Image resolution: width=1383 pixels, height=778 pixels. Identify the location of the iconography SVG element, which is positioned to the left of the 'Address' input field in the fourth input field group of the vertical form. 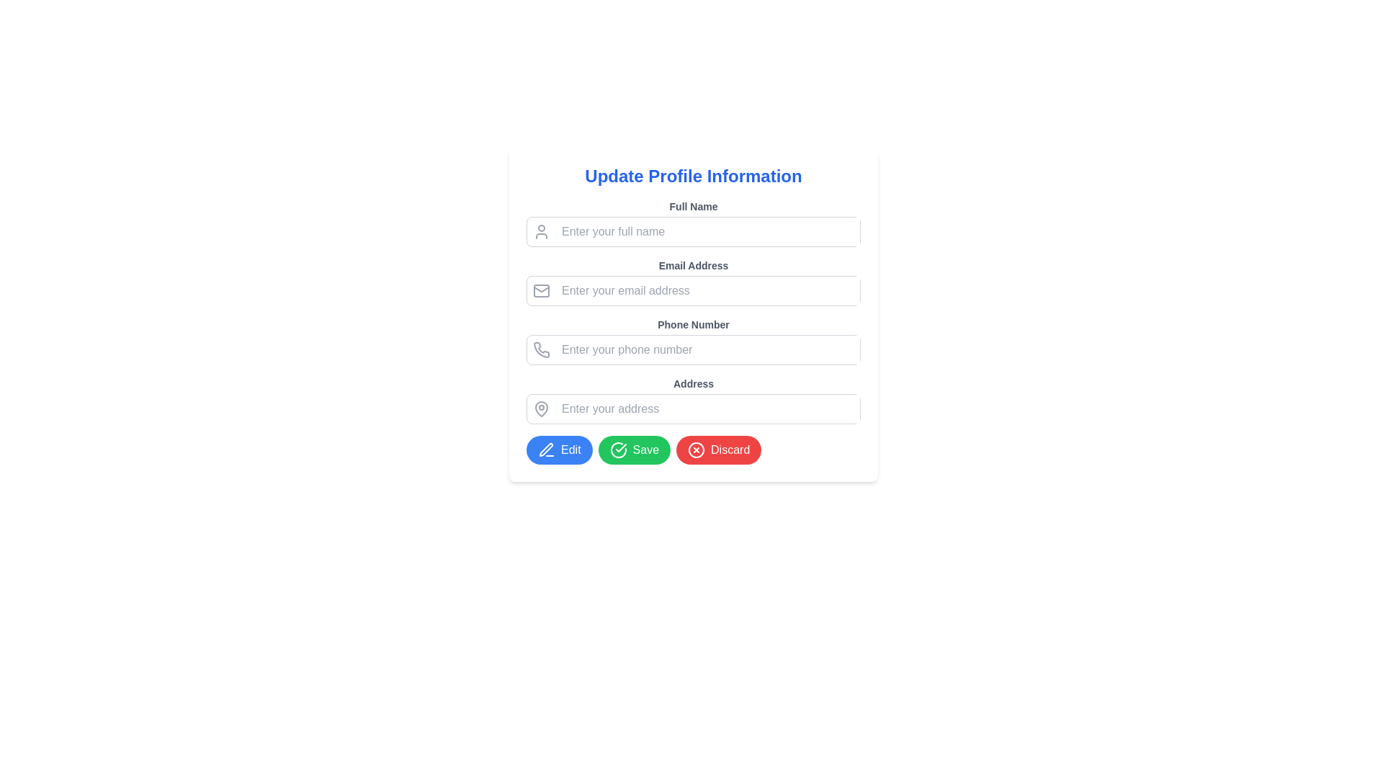
(541, 408).